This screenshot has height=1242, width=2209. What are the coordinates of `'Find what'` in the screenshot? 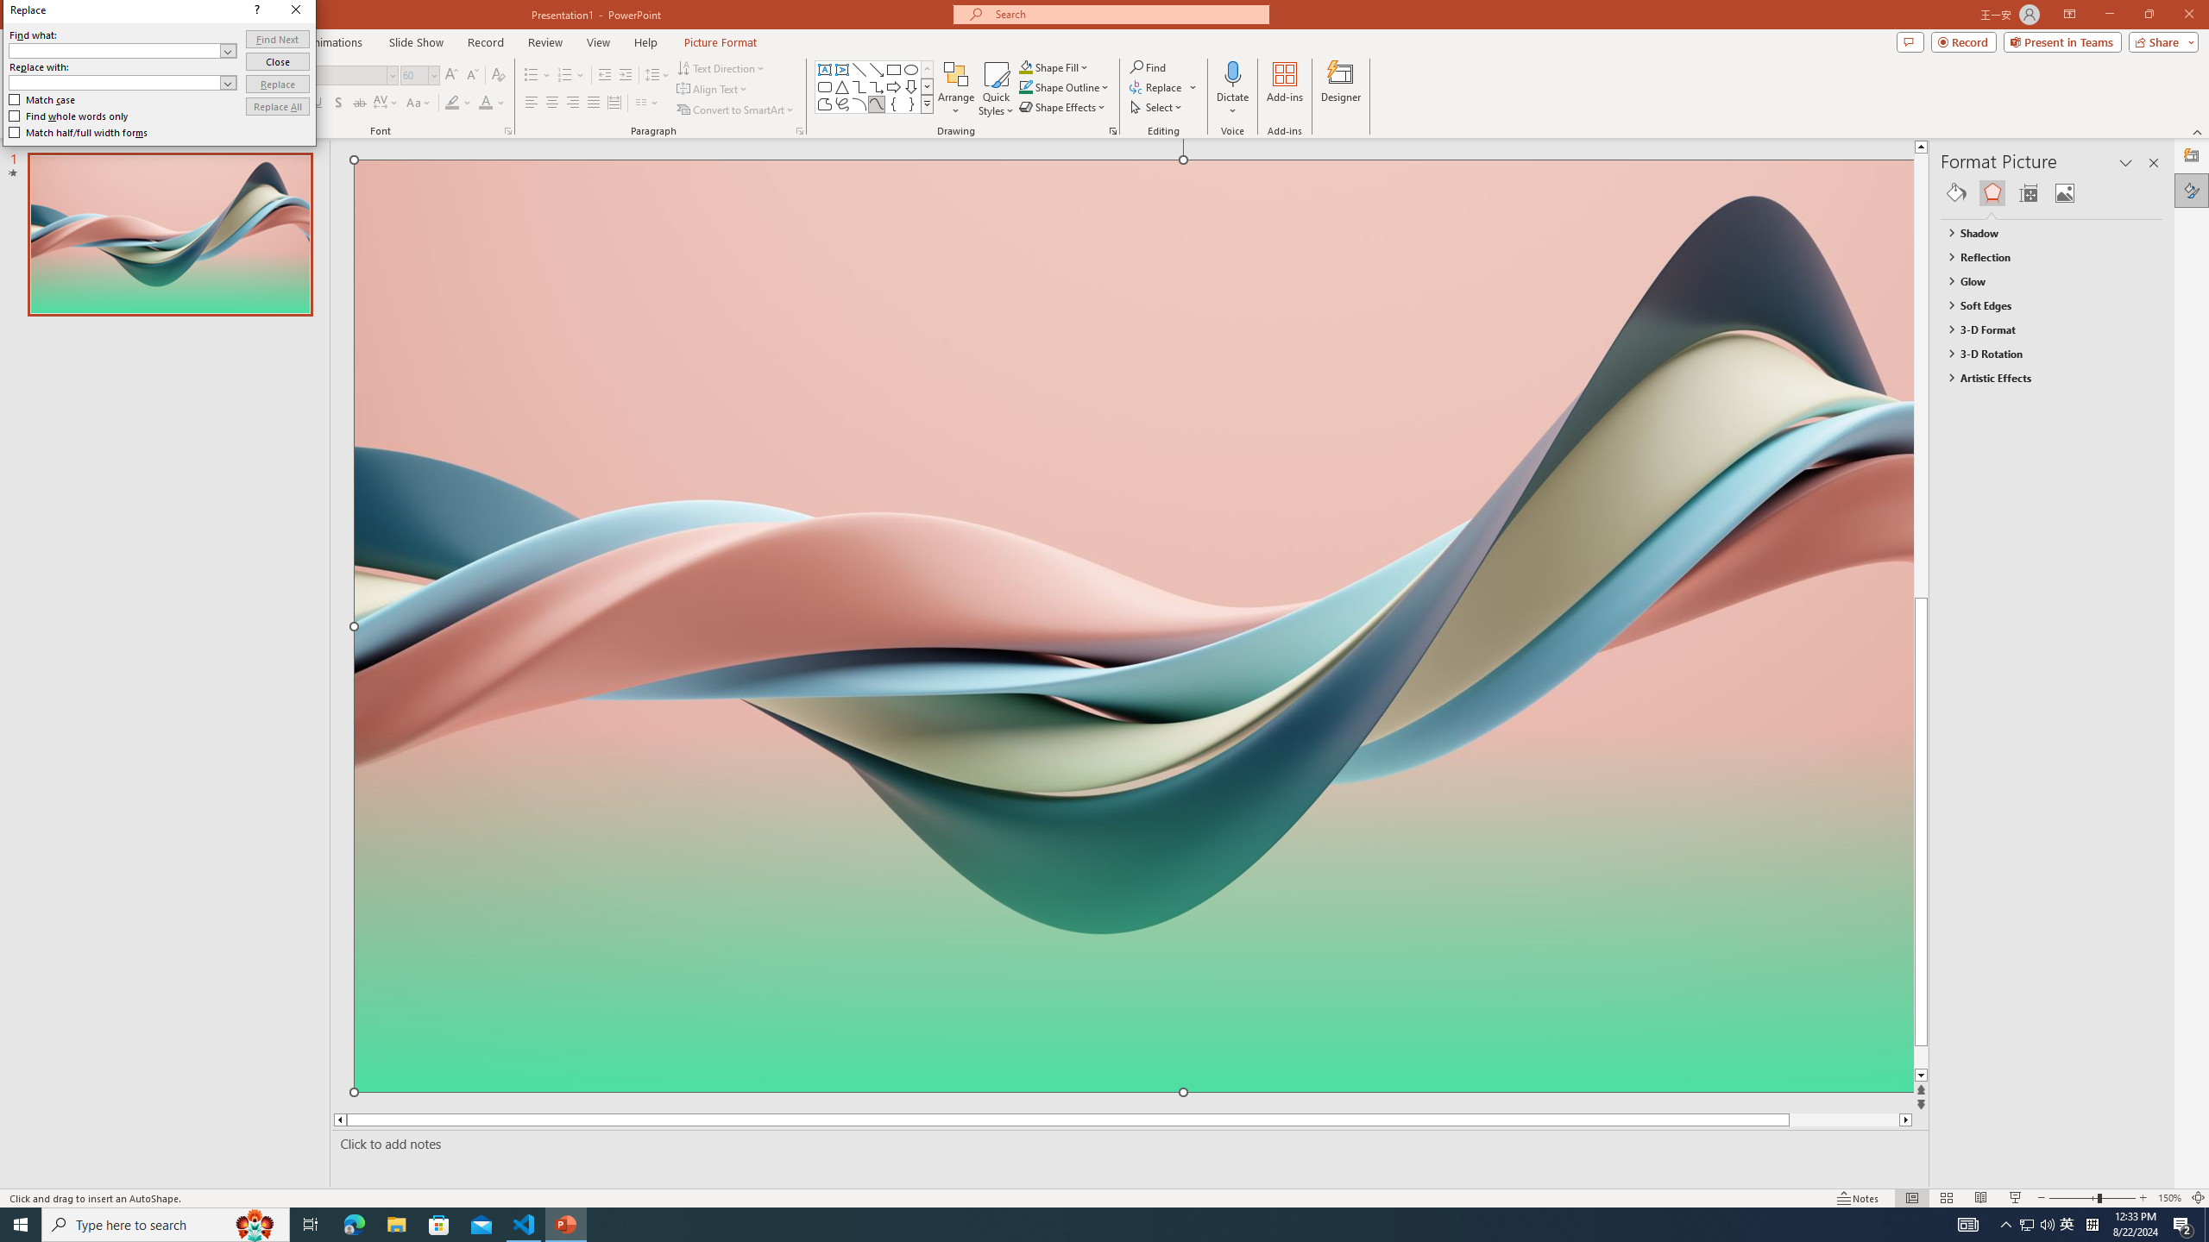 It's located at (123, 50).